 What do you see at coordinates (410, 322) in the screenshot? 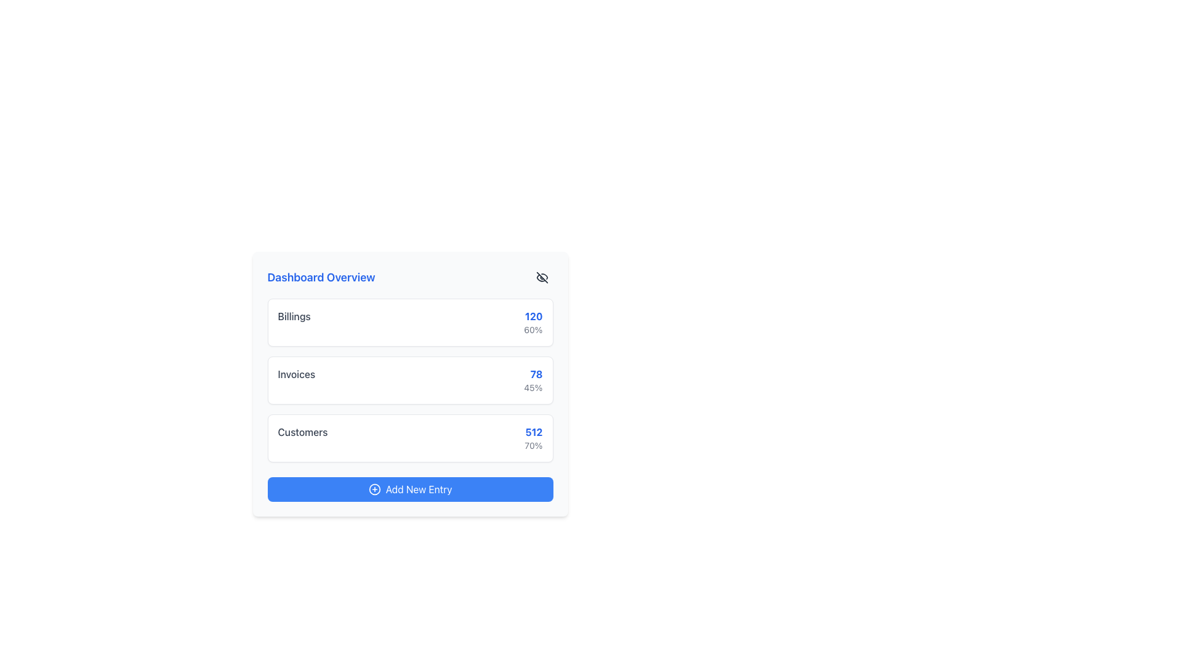
I see `the billing information presented in the 'Billings' Card that displays '120' and '60%'` at bounding box center [410, 322].